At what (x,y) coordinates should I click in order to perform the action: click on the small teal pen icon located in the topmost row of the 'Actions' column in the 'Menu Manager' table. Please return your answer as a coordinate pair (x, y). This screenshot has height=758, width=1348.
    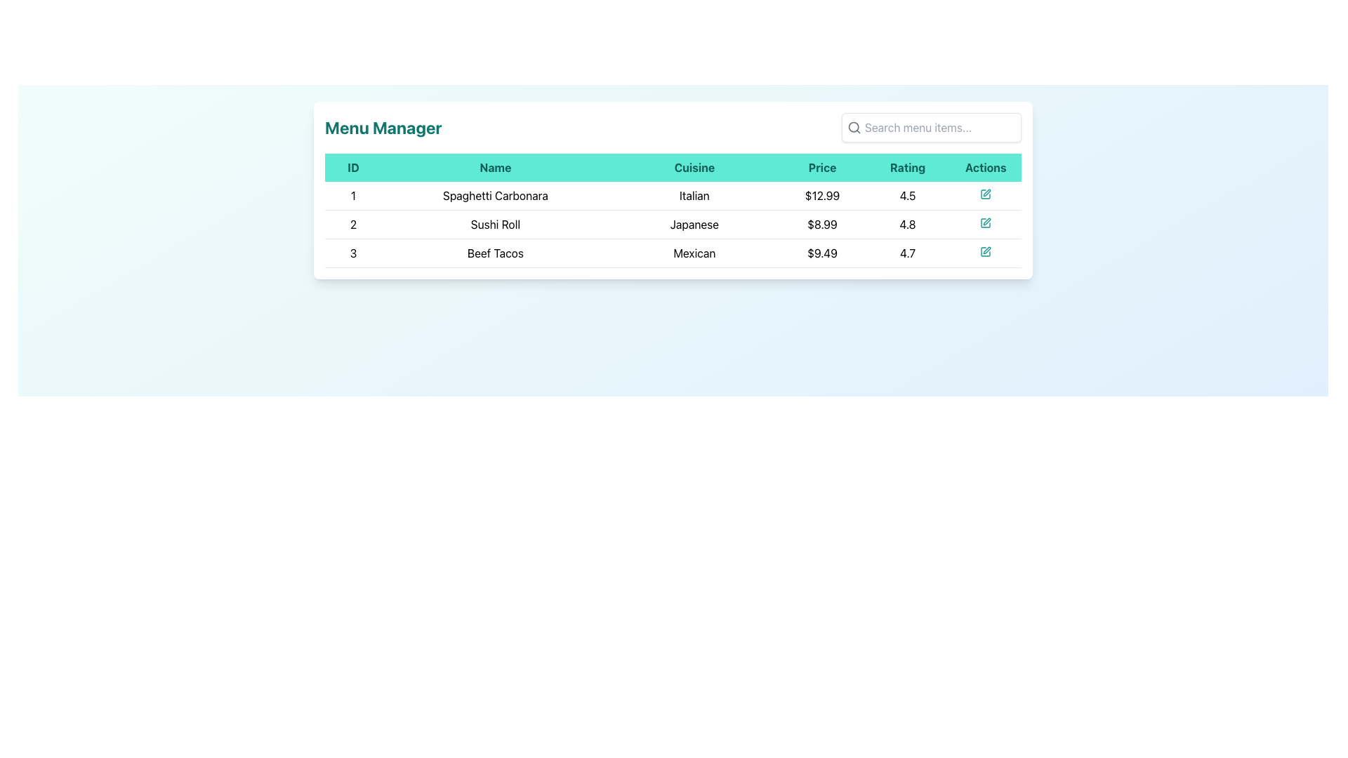
    Looking at the image, I should click on (985, 194).